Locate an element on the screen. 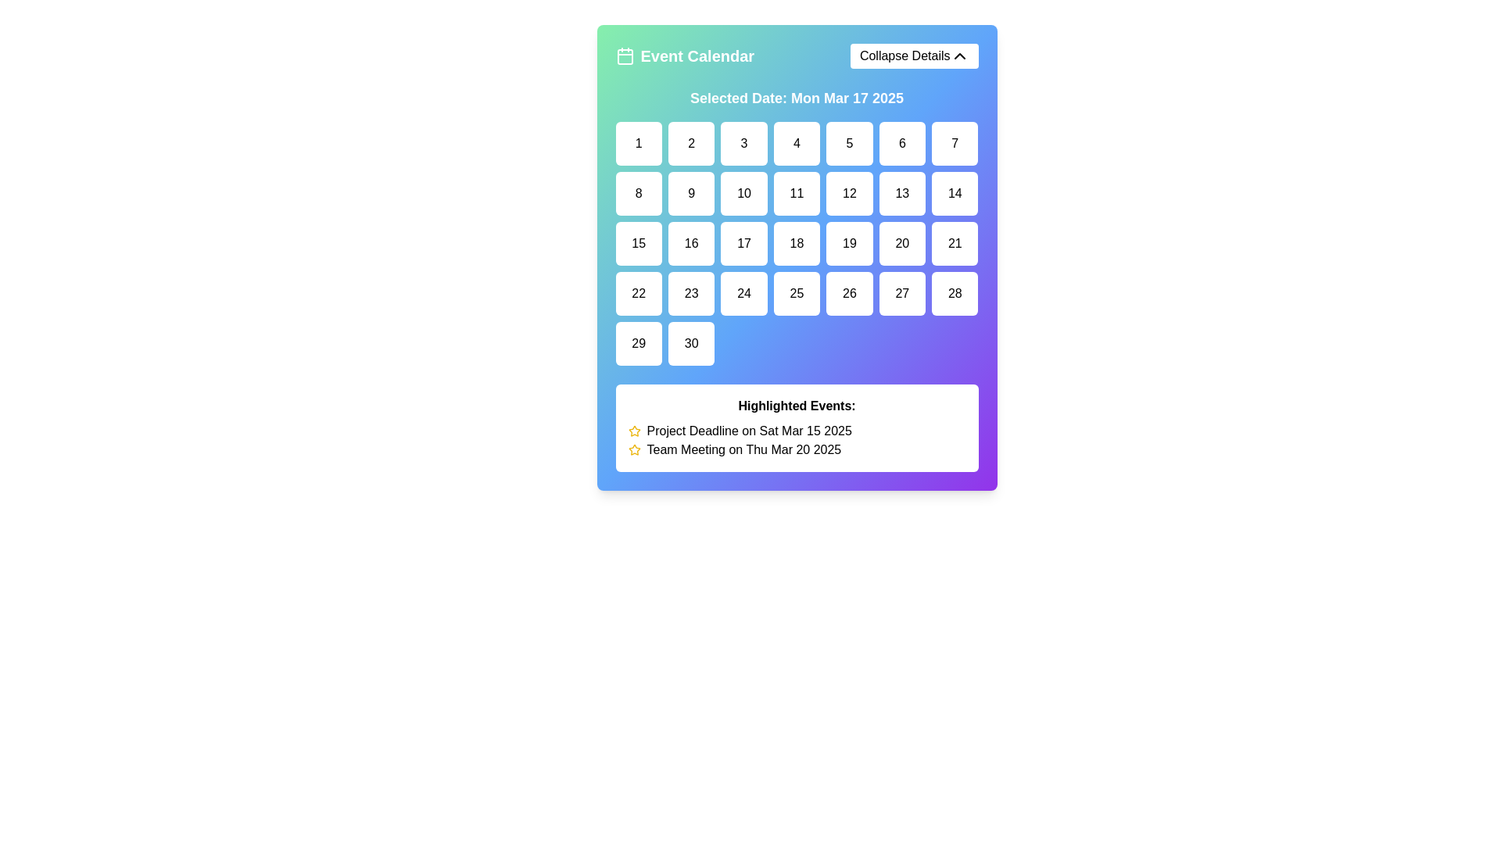 The width and height of the screenshot is (1501, 844). the square-shaped UI component with rounded corners that has a white background and black text reading '1', located in the top row and first column of the grid is located at coordinates (639, 144).